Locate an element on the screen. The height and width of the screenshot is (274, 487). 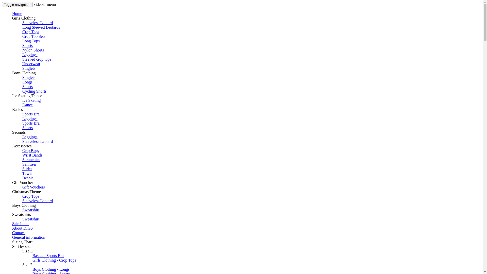
'Sweatshirts' is located at coordinates (21, 214).